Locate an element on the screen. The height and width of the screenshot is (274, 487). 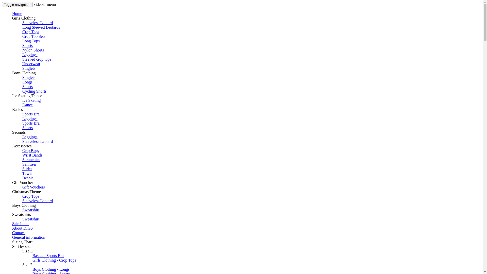
'Sweatshirts' is located at coordinates (21, 214).